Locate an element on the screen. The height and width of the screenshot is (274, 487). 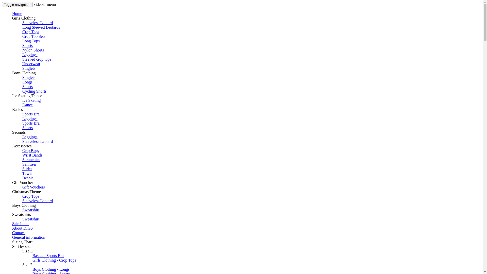
'Sweatshirts' is located at coordinates (21, 214).